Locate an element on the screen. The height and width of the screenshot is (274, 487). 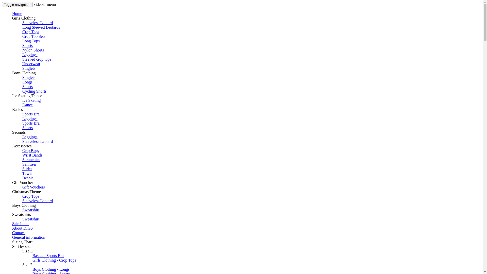
'Sweatshirts' is located at coordinates (21, 214).